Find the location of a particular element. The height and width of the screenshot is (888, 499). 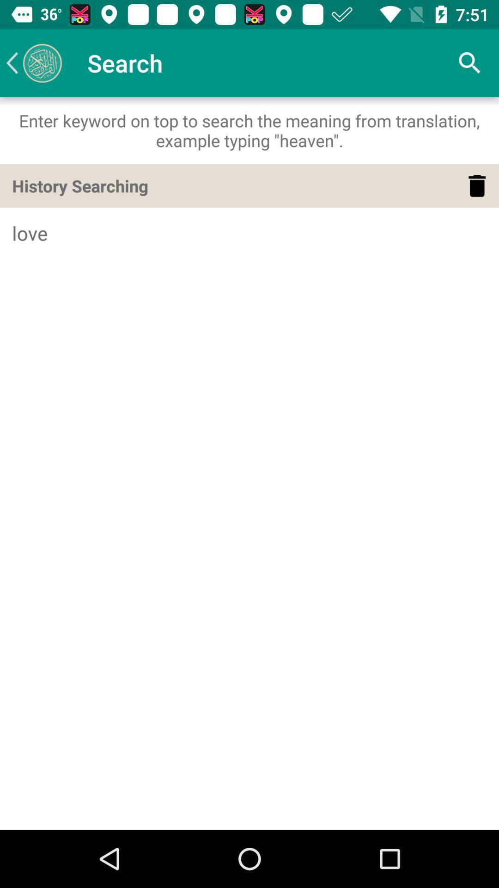

the icon below the enter keyword on is located at coordinates (477, 185).